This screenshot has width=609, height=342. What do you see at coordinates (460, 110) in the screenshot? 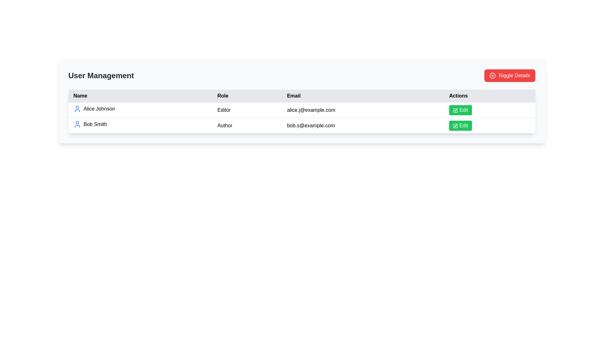
I see `the button in the 'Actions' column of the first row in the user table` at bounding box center [460, 110].